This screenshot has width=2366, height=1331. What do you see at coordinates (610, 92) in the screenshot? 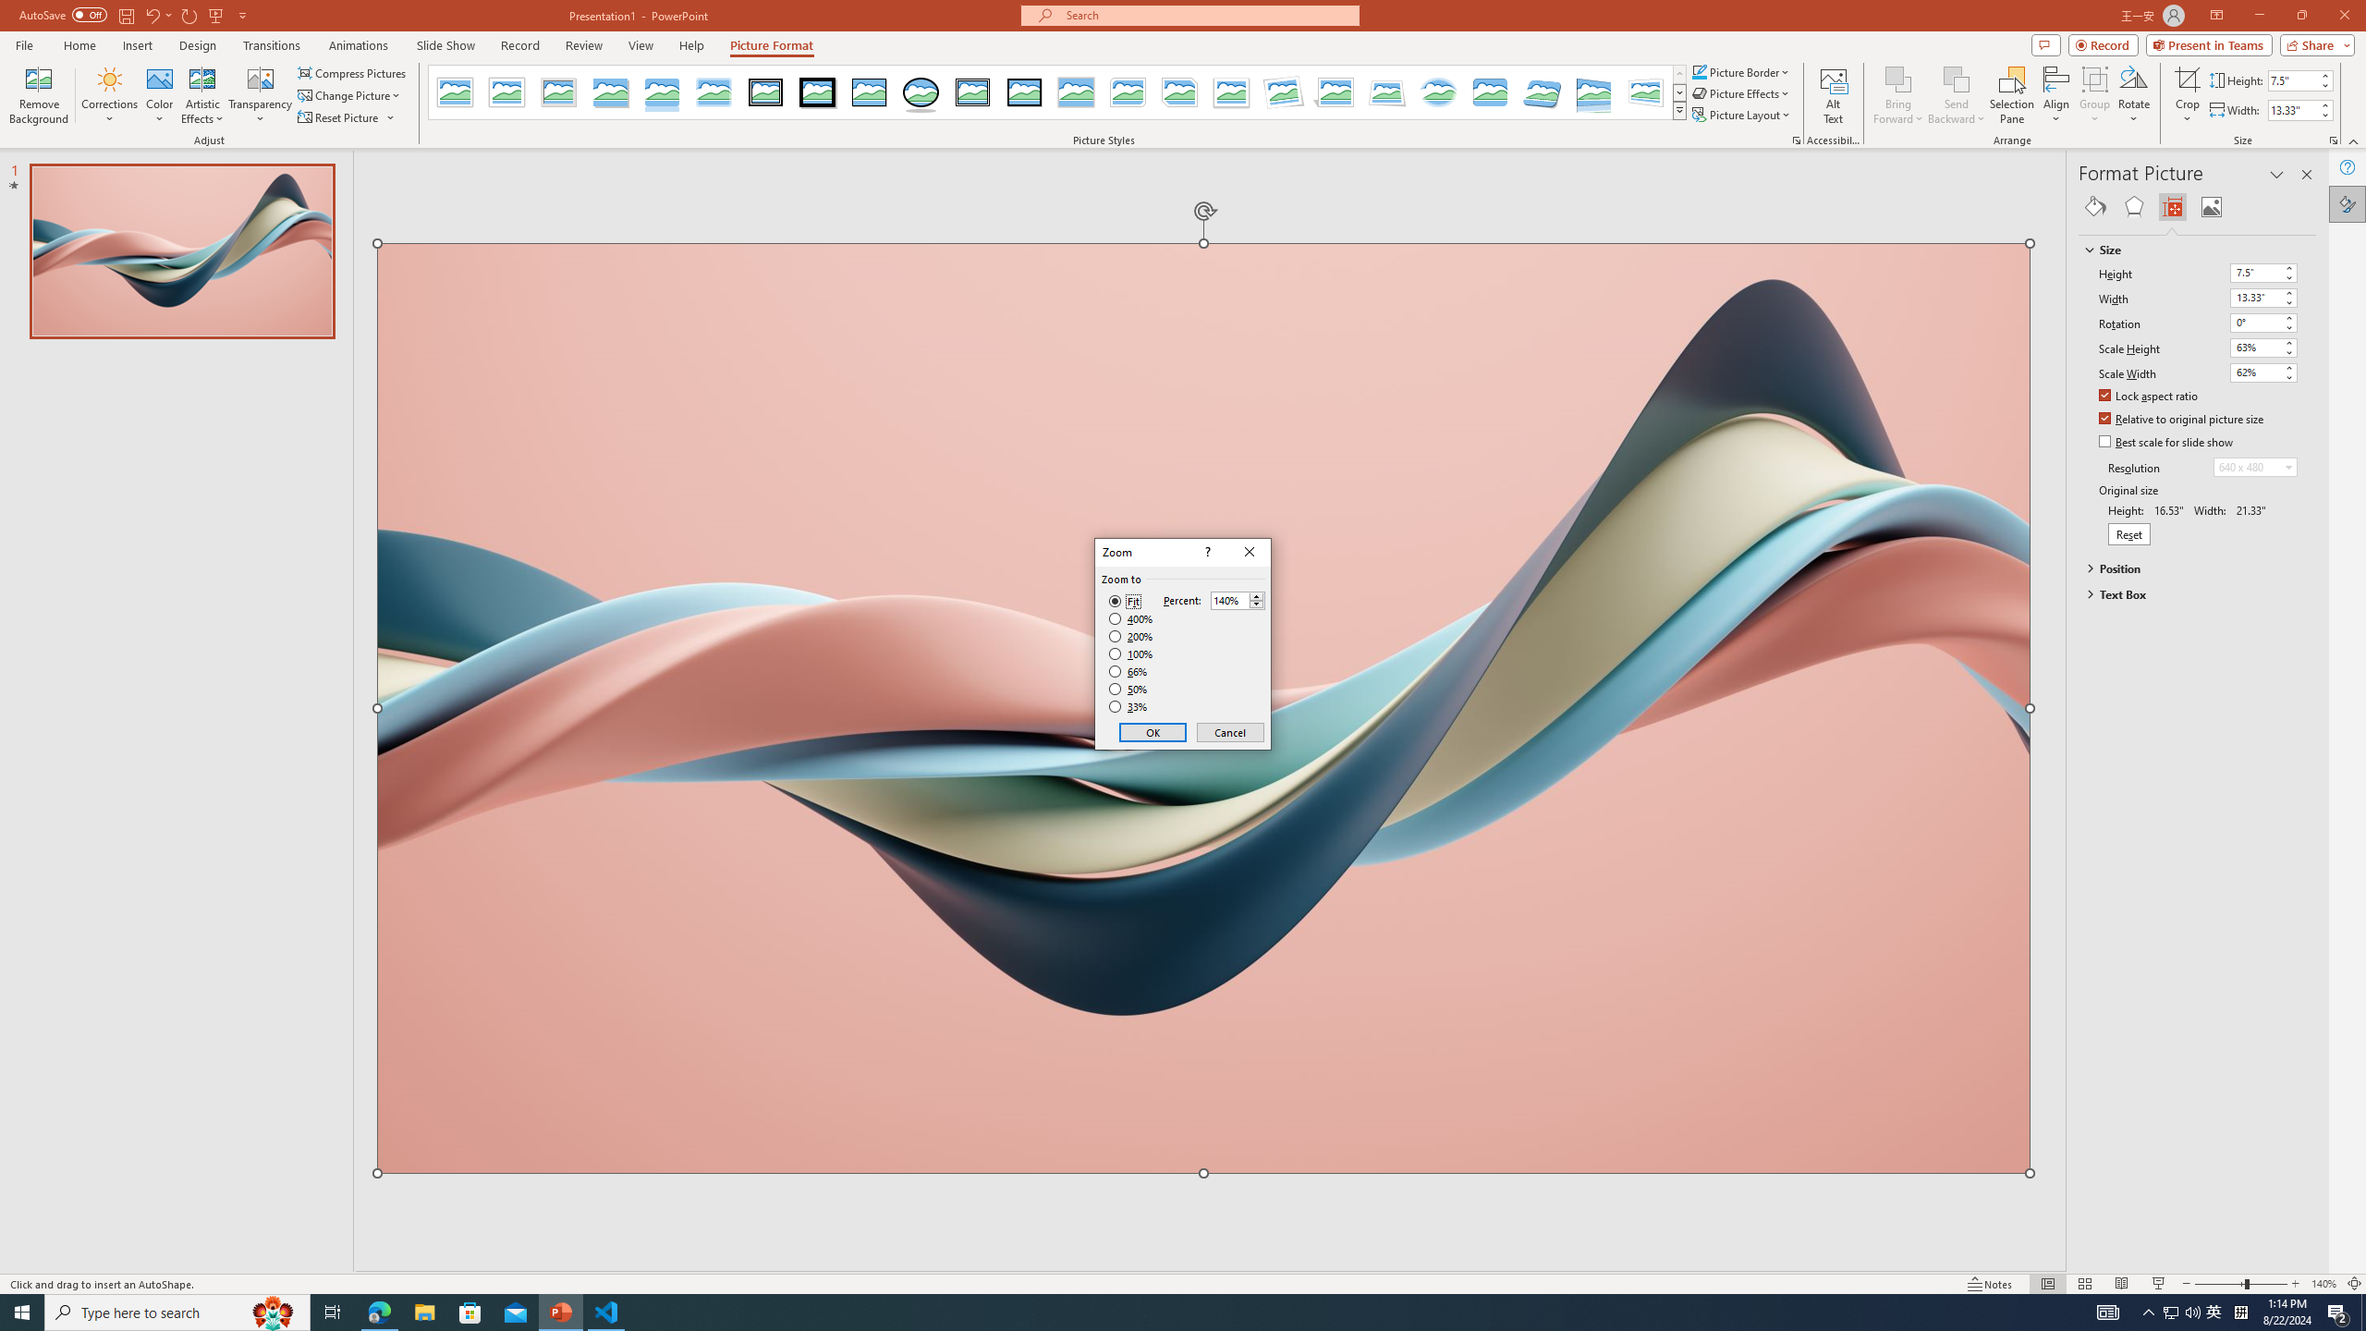
I see `'Drop Shadow Rectangle'` at bounding box center [610, 92].